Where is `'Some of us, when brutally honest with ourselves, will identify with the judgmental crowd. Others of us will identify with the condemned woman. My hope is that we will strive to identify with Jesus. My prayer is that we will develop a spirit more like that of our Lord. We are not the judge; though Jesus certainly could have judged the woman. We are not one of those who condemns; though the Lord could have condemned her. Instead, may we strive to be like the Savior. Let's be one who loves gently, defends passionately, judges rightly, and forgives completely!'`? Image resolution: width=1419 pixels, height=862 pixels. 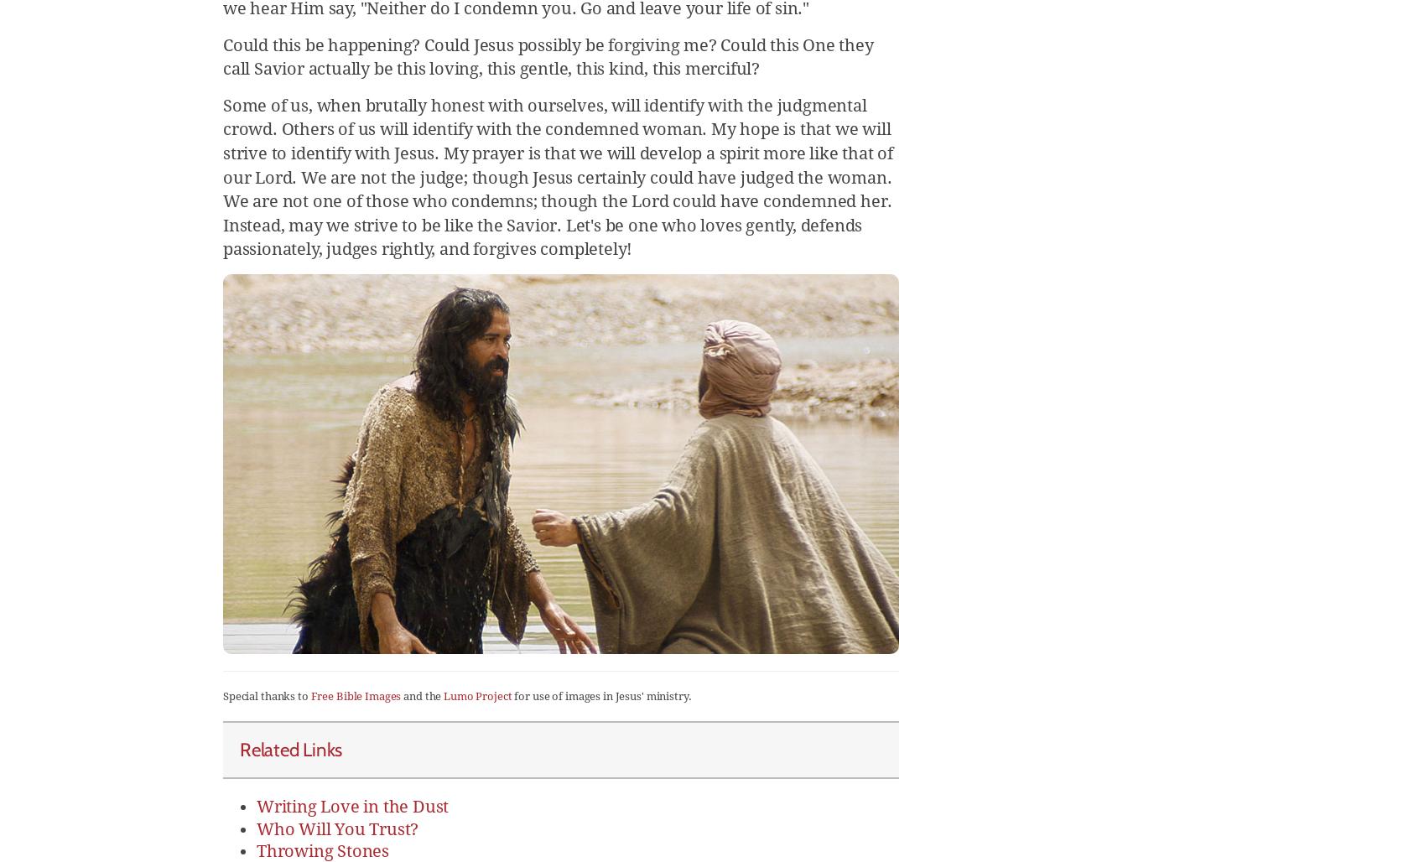
'Some of us, when brutally honest with ourselves, will identify with the judgmental crowd. Others of us will identify with the condemned woman. My hope is that we will strive to identify with Jesus. My prayer is that we will develop a spirit more like that of our Lord. We are not the judge; though Jesus certainly could have judged the woman. We are not one of those who condemns; though the Lord could have condemned her. Instead, may we strive to be like the Savior. Let's be one who loves gently, defends passionately, judges rightly, and forgives completely!' is located at coordinates (222, 176).